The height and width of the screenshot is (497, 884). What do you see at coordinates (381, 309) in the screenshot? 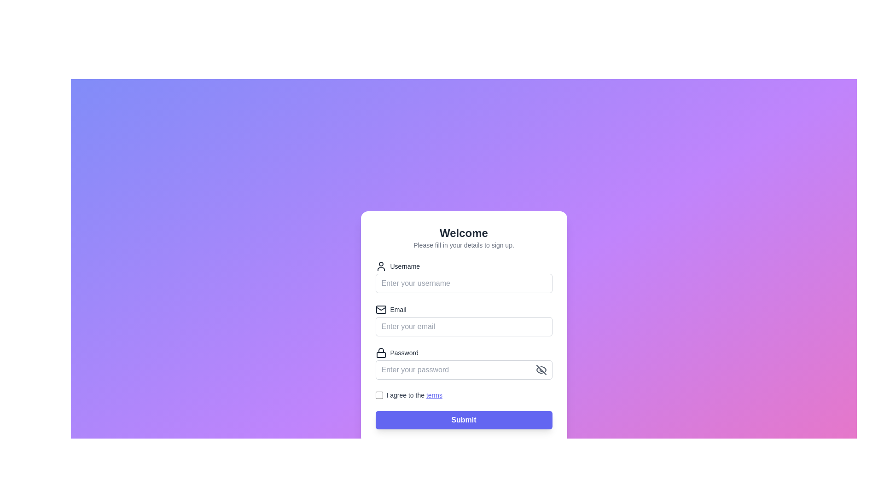
I see `the 'Email' icon, which is positioned to the left of the 'Email' label in the second row of the form, aiding in user recognition of the required information for the email input box` at bounding box center [381, 309].